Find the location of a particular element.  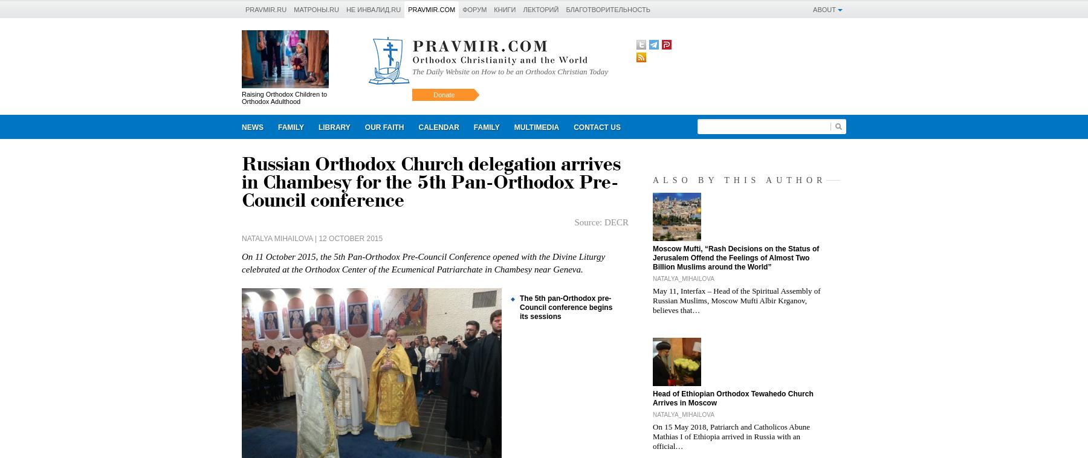

'Moscow Mufti, “Rash Decisions on the Status of Jerusalem Offend the Feelings of Almost Two Billion Muslims around the World”' is located at coordinates (735, 257).